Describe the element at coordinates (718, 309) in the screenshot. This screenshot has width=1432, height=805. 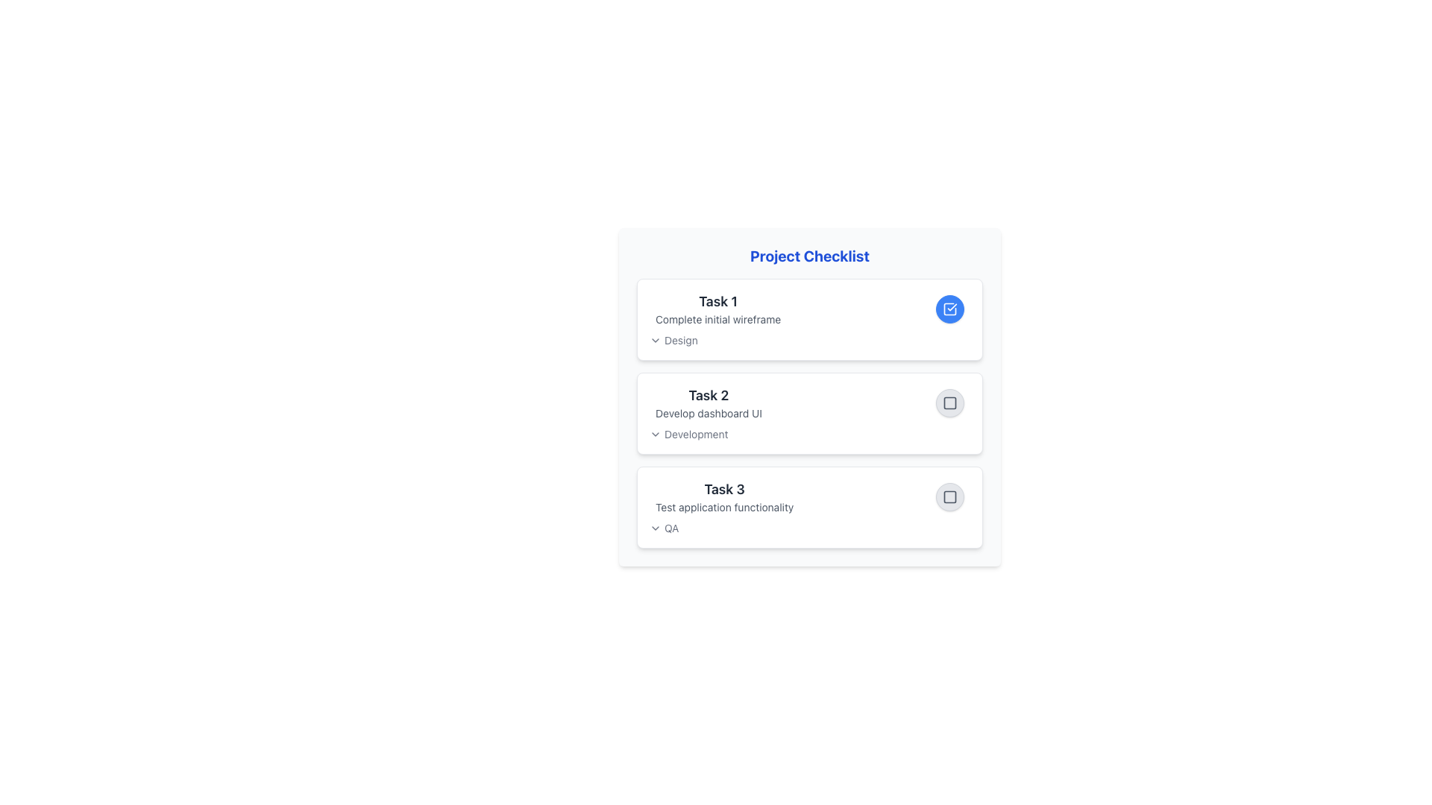
I see `text content of the topmost task listing in the 'Project Checklist' section, which displays the task name and description` at that location.